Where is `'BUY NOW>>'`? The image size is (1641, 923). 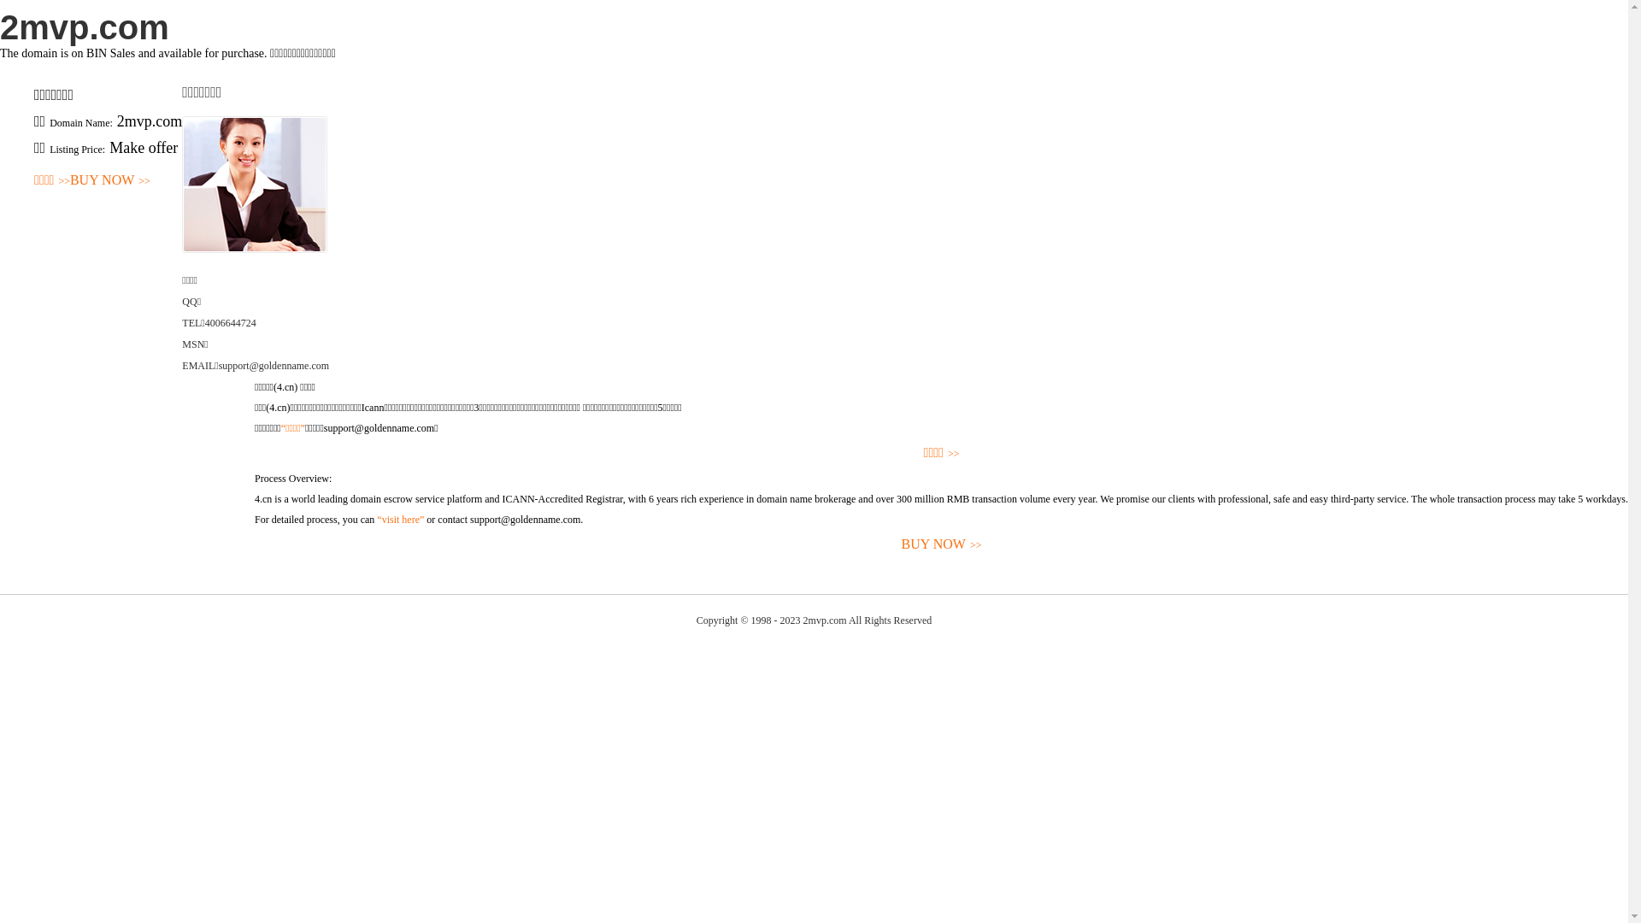 'BUY NOW>>' is located at coordinates (109, 180).